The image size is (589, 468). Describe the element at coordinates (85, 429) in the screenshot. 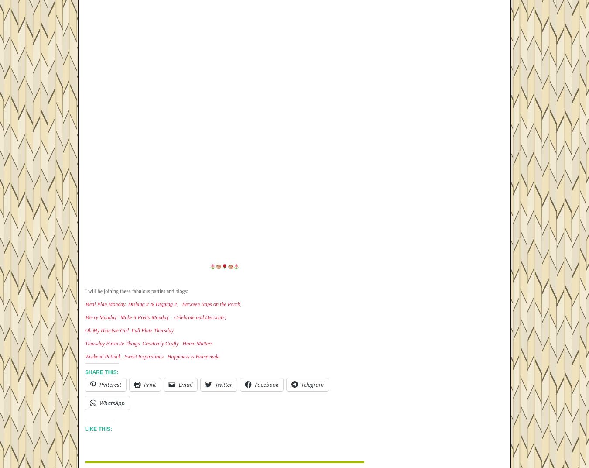

I see `'Like this:'` at that location.